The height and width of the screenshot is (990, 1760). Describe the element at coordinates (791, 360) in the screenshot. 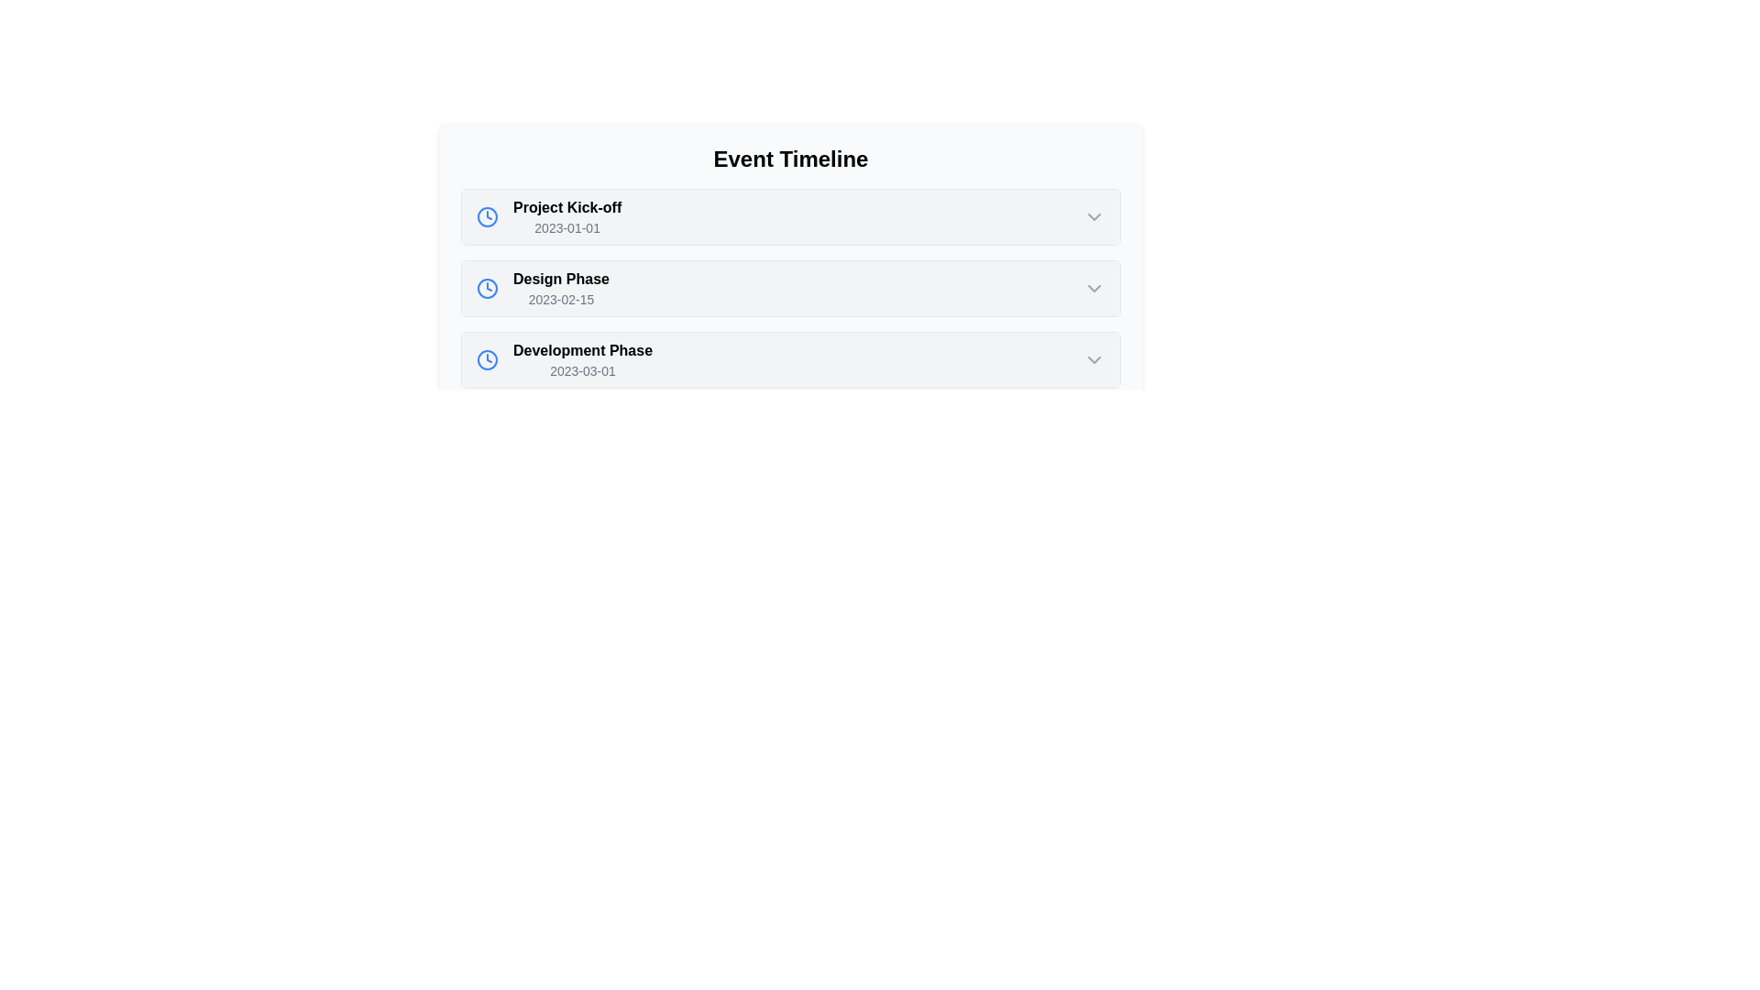

I see `the 'Development Phase' entry` at that location.